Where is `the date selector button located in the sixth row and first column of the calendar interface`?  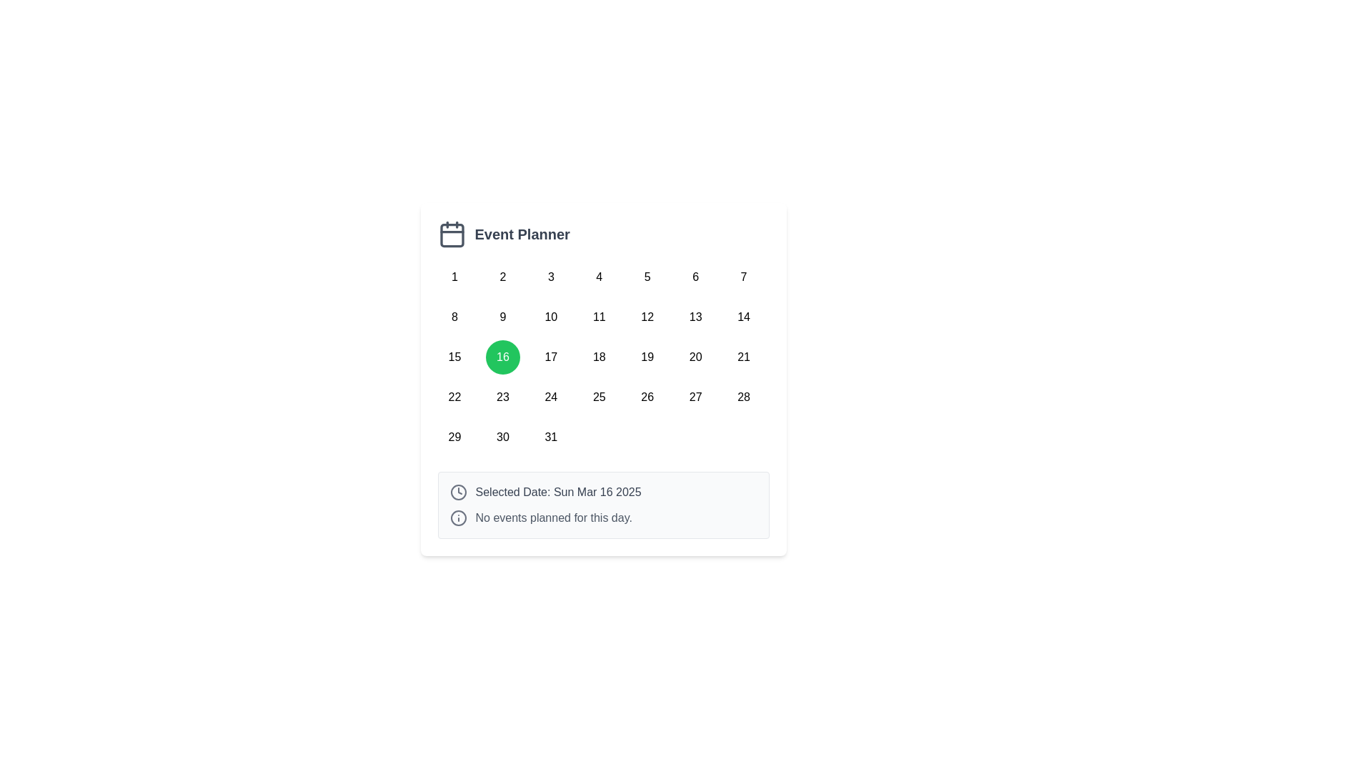
the date selector button located in the sixth row and first column of the calendar interface is located at coordinates (454, 397).